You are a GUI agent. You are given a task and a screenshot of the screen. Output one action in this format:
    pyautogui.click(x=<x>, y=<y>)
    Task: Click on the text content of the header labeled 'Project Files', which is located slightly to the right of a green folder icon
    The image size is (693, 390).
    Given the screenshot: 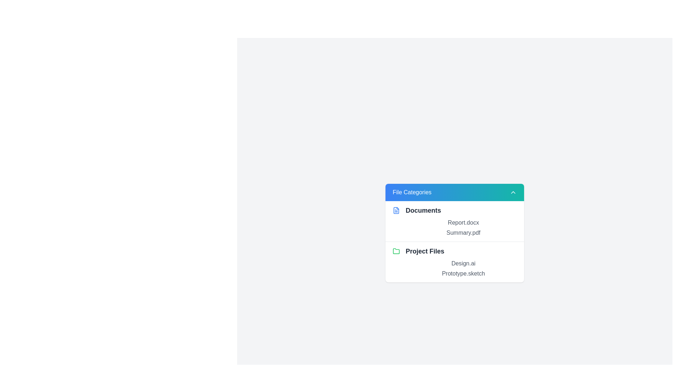 What is the action you would take?
    pyautogui.click(x=425, y=251)
    